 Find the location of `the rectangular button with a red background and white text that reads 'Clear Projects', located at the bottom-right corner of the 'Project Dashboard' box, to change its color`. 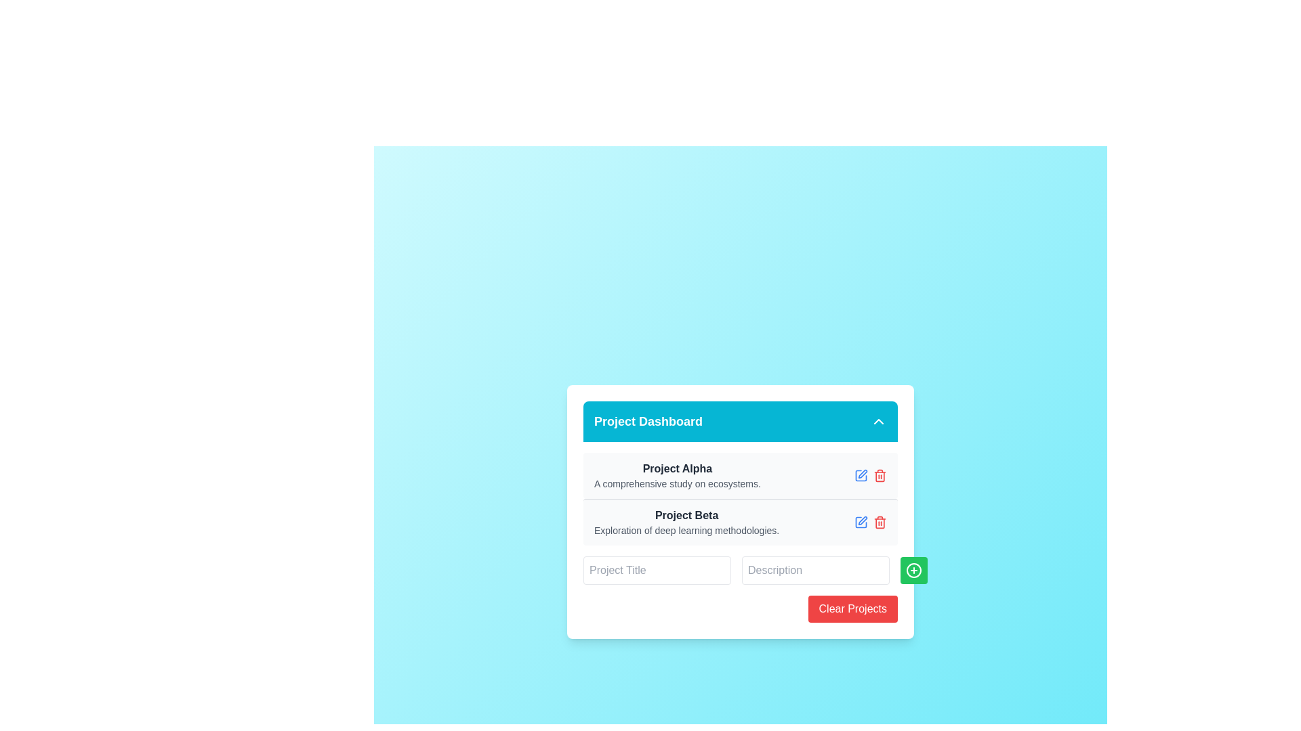

the rectangular button with a red background and white text that reads 'Clear Projects', located at the bottom-right corner of the 'Project Dashboard' box, to change its color is located at coordinates (852, 608).